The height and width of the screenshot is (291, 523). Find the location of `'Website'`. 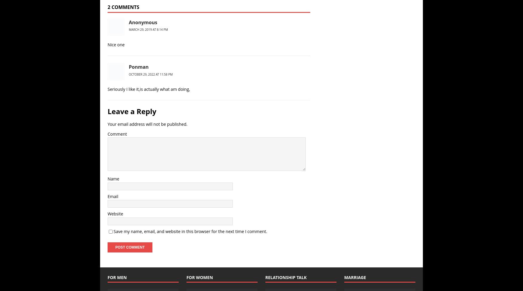

'Website' is located at coordinates (107, 214).